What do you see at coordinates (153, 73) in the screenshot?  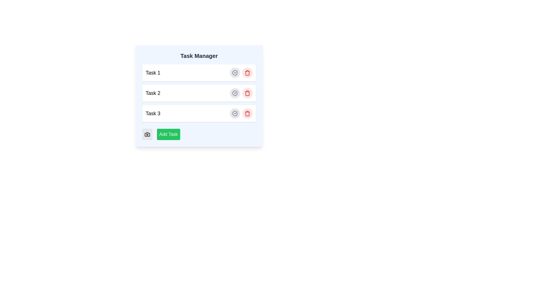 I see `the static text label reading 'Task 1'` at bounding box center [153, 73].